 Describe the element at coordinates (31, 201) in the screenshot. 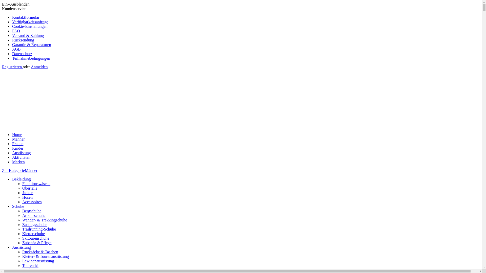

I see `'Accessoires'` at that location.